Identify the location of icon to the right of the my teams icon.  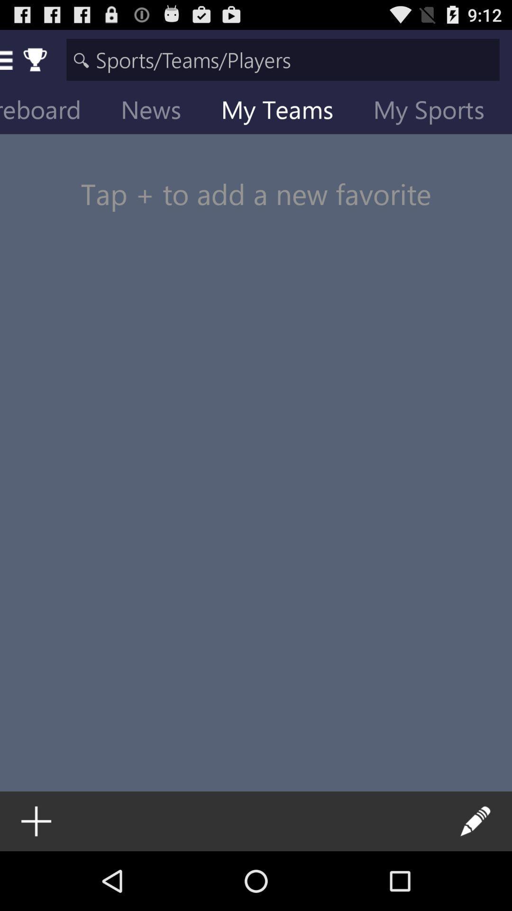
(436, 112).